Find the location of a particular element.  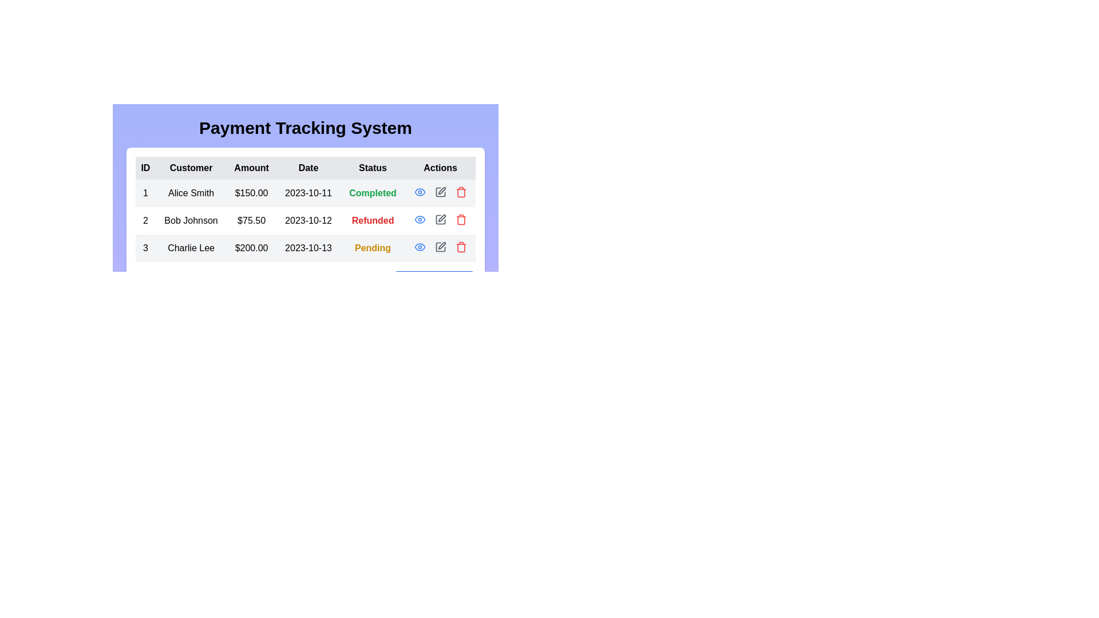

the customer name label located in the second row of the table under the 'Customer' column, which displays identification information for the entry is located at coordinates (191, 220).